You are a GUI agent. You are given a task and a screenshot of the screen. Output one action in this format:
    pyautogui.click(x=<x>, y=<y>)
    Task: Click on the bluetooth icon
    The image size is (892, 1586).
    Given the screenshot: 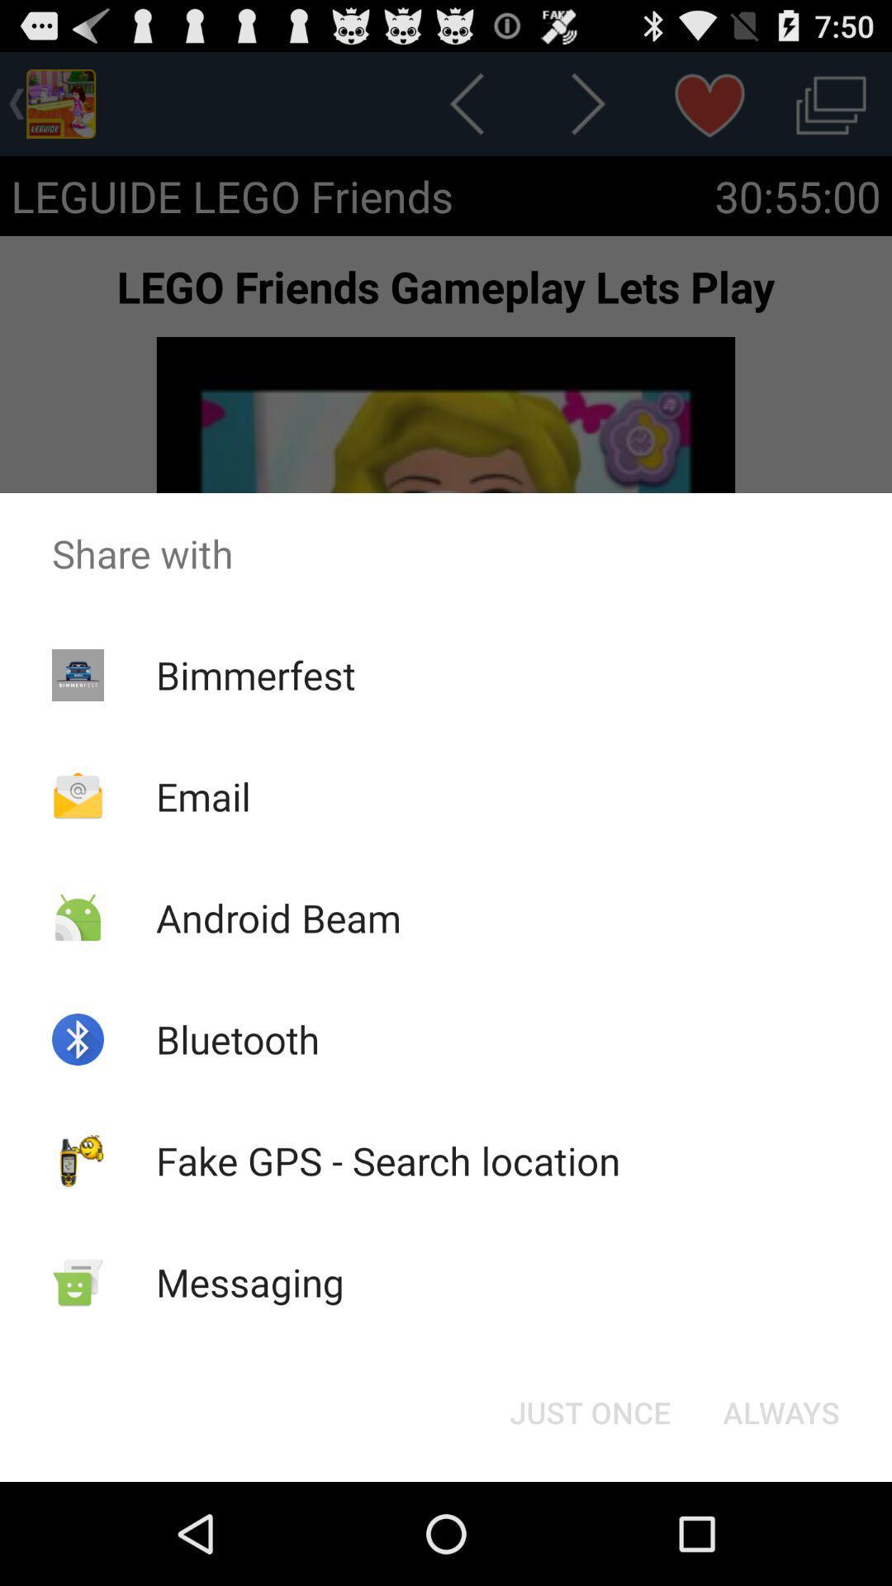 What is the action you would take?
    pyautogui.click(x=238, y=1038)
    